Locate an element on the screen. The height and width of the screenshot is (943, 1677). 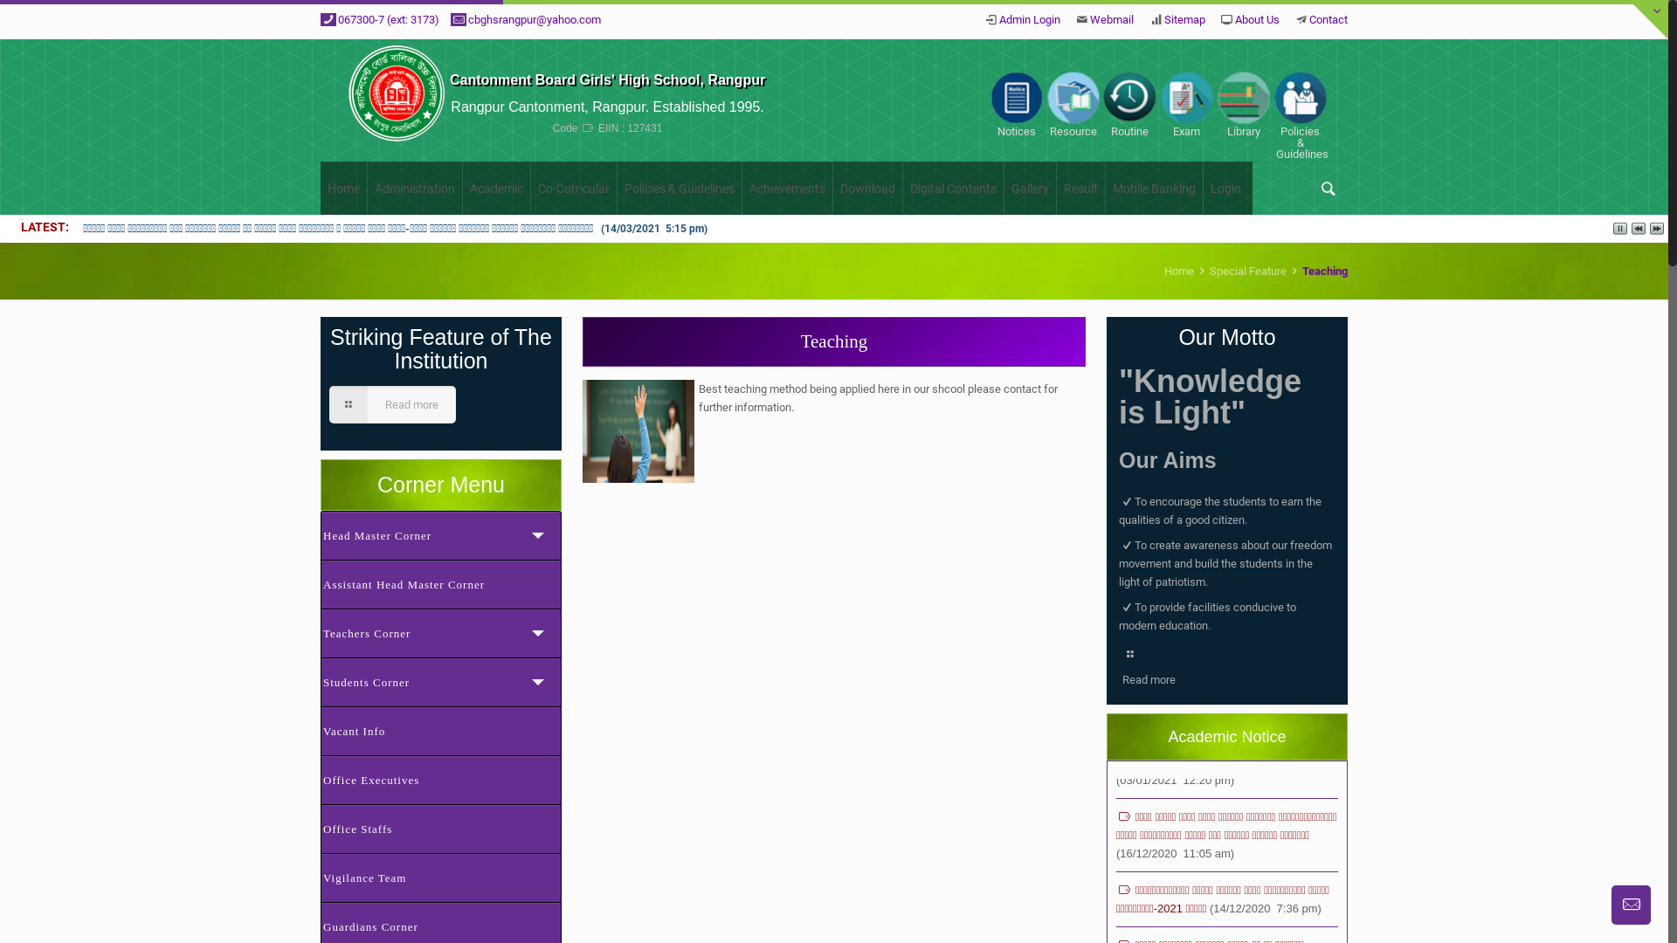
'Vigilance Team' is located at coordinates (440, 878).